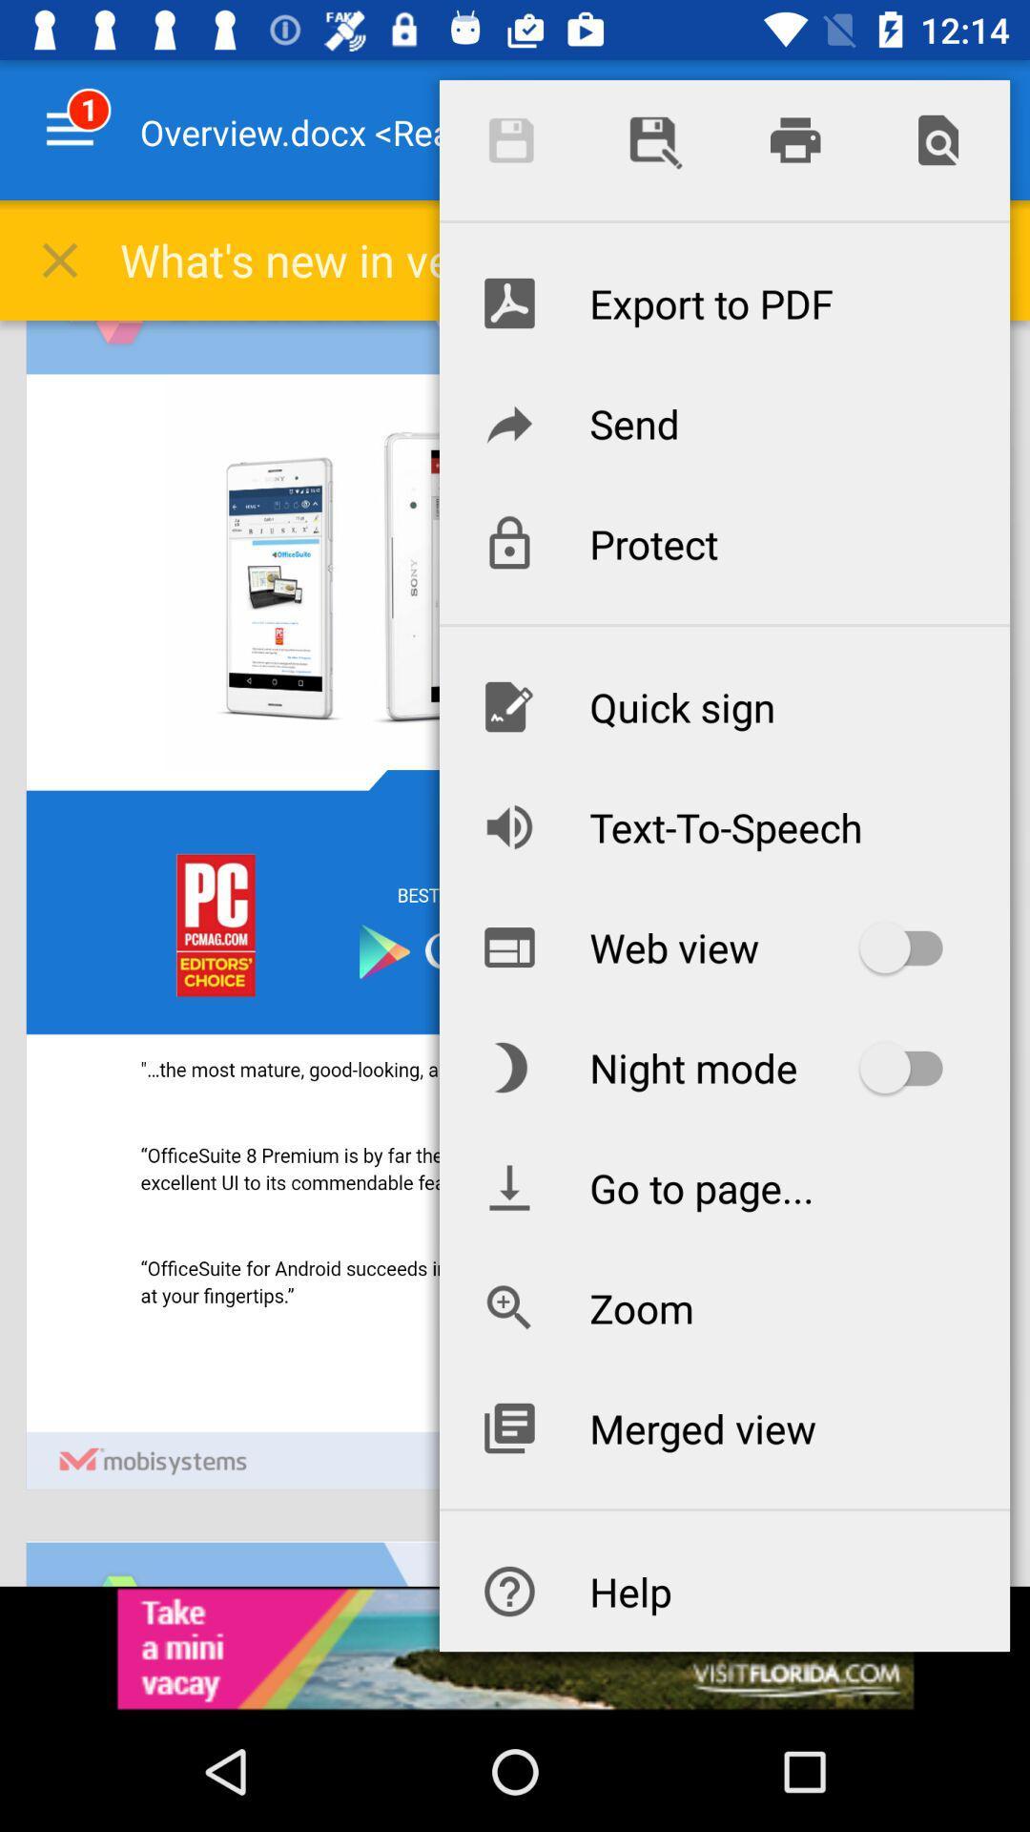  Describe the element at coordinates (724, 543) in the screenshot. I see `item below the send item` at that location.